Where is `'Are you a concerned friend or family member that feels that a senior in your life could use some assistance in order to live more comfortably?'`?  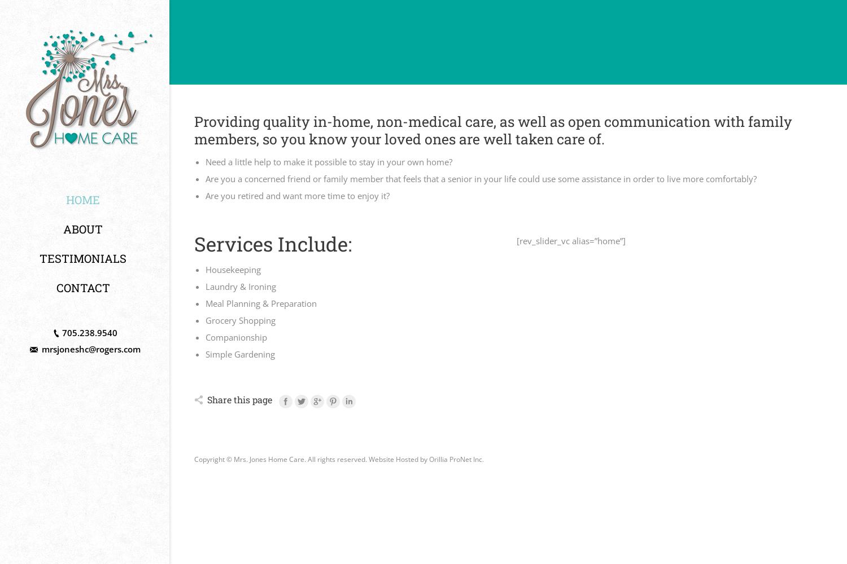 'Are you a concerned friend or family member that feels that a senior in your life could use some assistance in order to live more comfortably?' is located at coordinates (480, 178).